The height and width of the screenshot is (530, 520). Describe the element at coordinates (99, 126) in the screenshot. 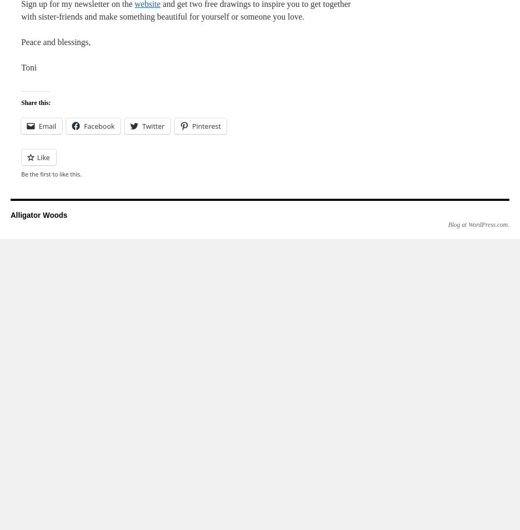

I see `'Facebook'` at that location.